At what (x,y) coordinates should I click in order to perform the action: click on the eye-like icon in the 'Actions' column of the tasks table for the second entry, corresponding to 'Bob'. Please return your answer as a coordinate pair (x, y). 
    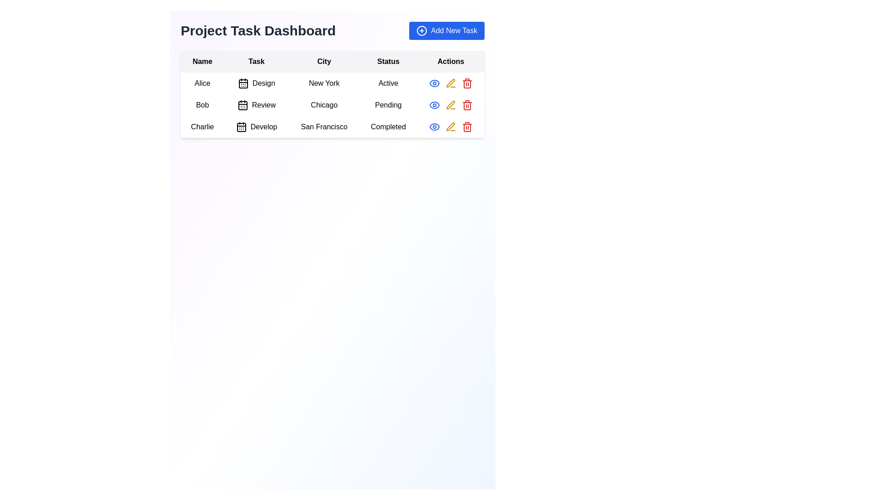
    Looking at the image, I should click on (434, 83).